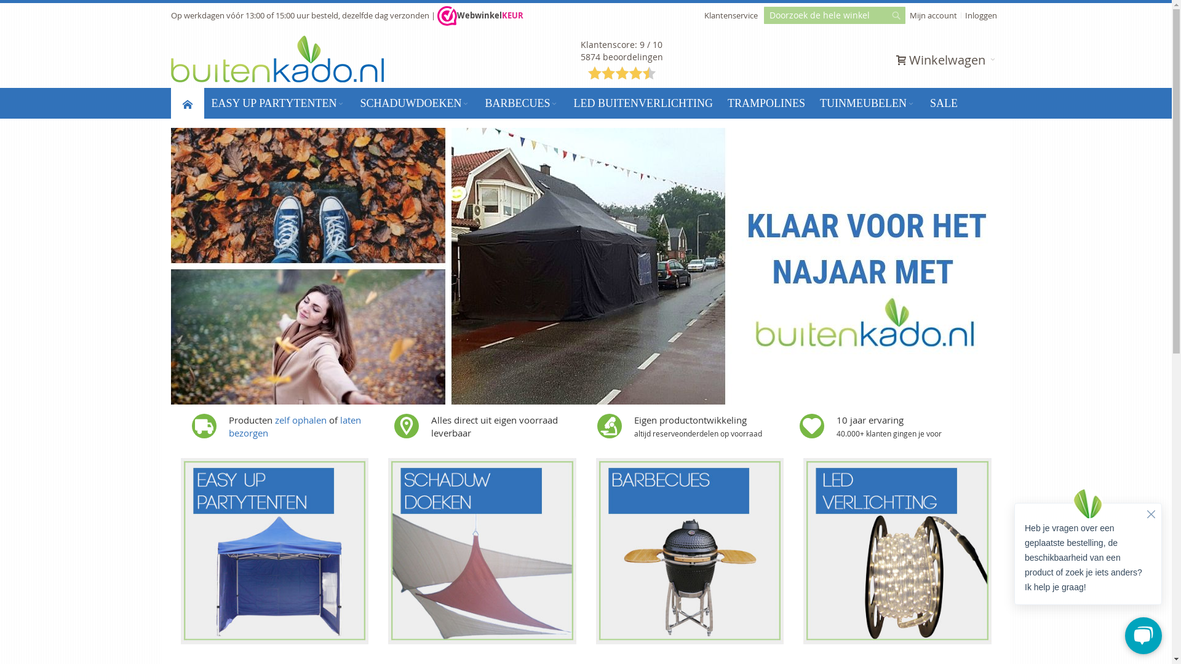 The image size is (1181, 664). Describe the element at coordinates (895, 18) in the screenshot. I see `'Zoek'` at that location.